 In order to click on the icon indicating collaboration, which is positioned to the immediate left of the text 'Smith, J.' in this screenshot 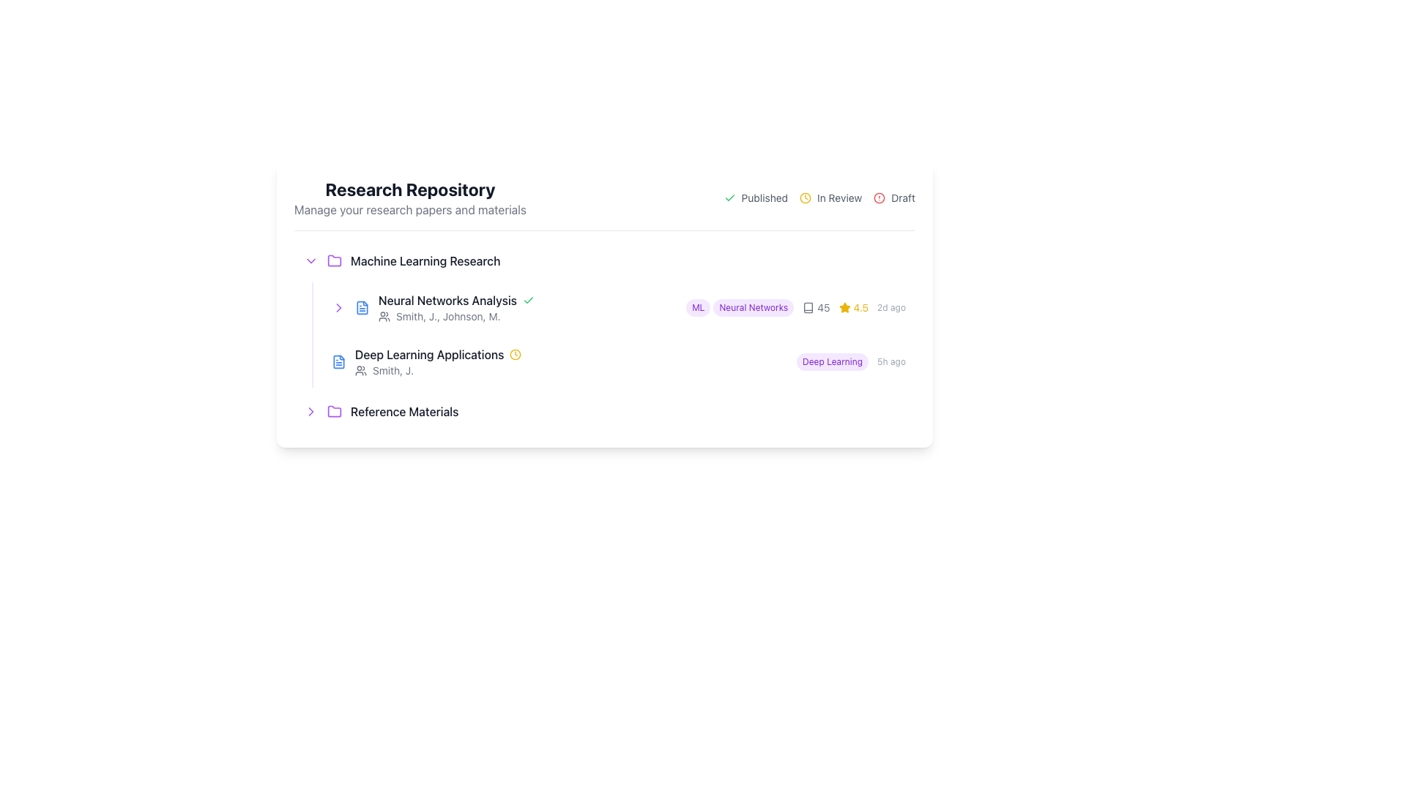, I will do `click(361, 369)`.